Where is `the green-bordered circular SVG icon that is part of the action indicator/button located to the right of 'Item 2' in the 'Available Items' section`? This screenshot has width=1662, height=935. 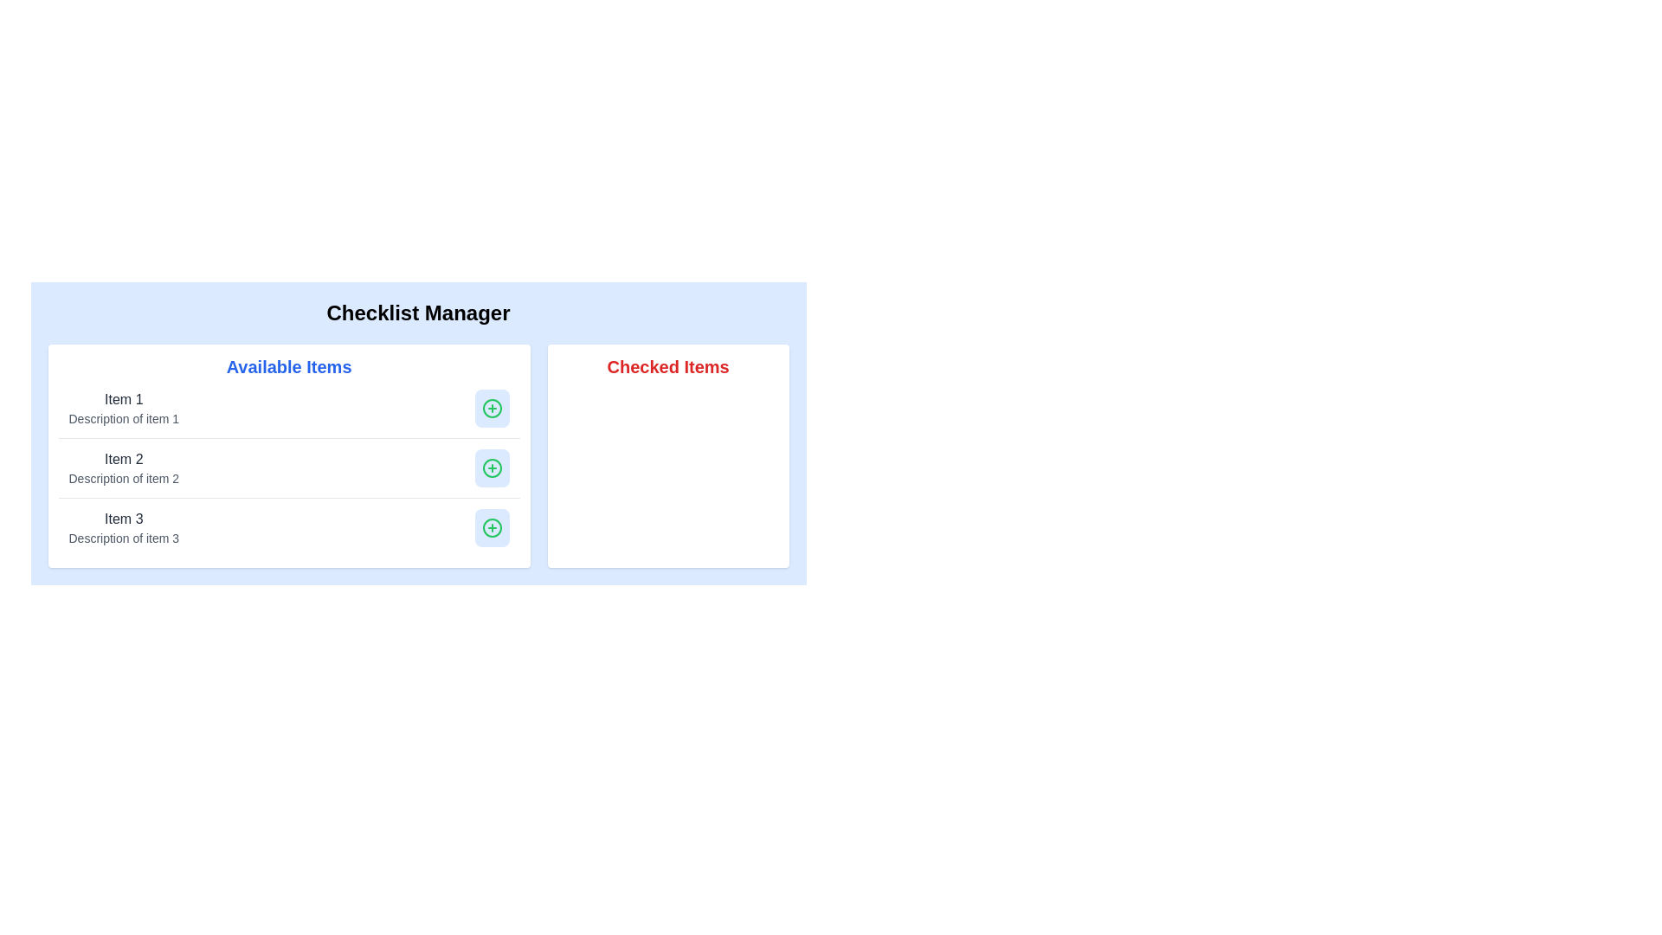 the green-bordered circular SVG icon that is part of the action indicator/button located to the right of 'Item 2' in the 'Available Items' section is located at coordinates (491, 467).